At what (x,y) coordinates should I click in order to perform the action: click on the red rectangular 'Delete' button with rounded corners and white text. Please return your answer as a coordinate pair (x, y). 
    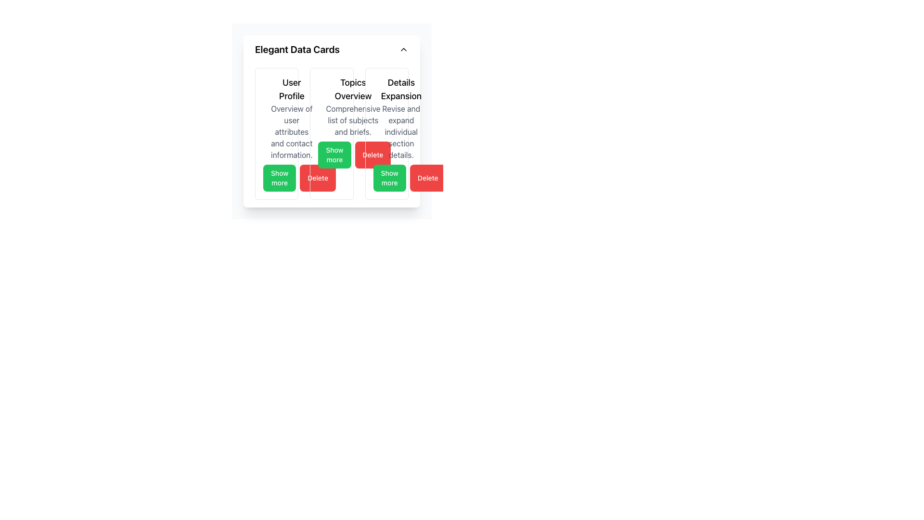
    Looking at the image, I should click on (427, 178).